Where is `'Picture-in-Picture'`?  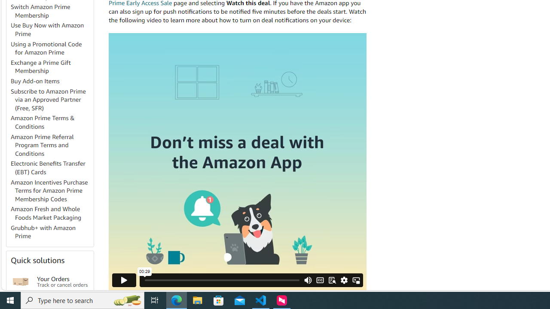 'Picture-in-Picture' is located at coordinates (356, 280).